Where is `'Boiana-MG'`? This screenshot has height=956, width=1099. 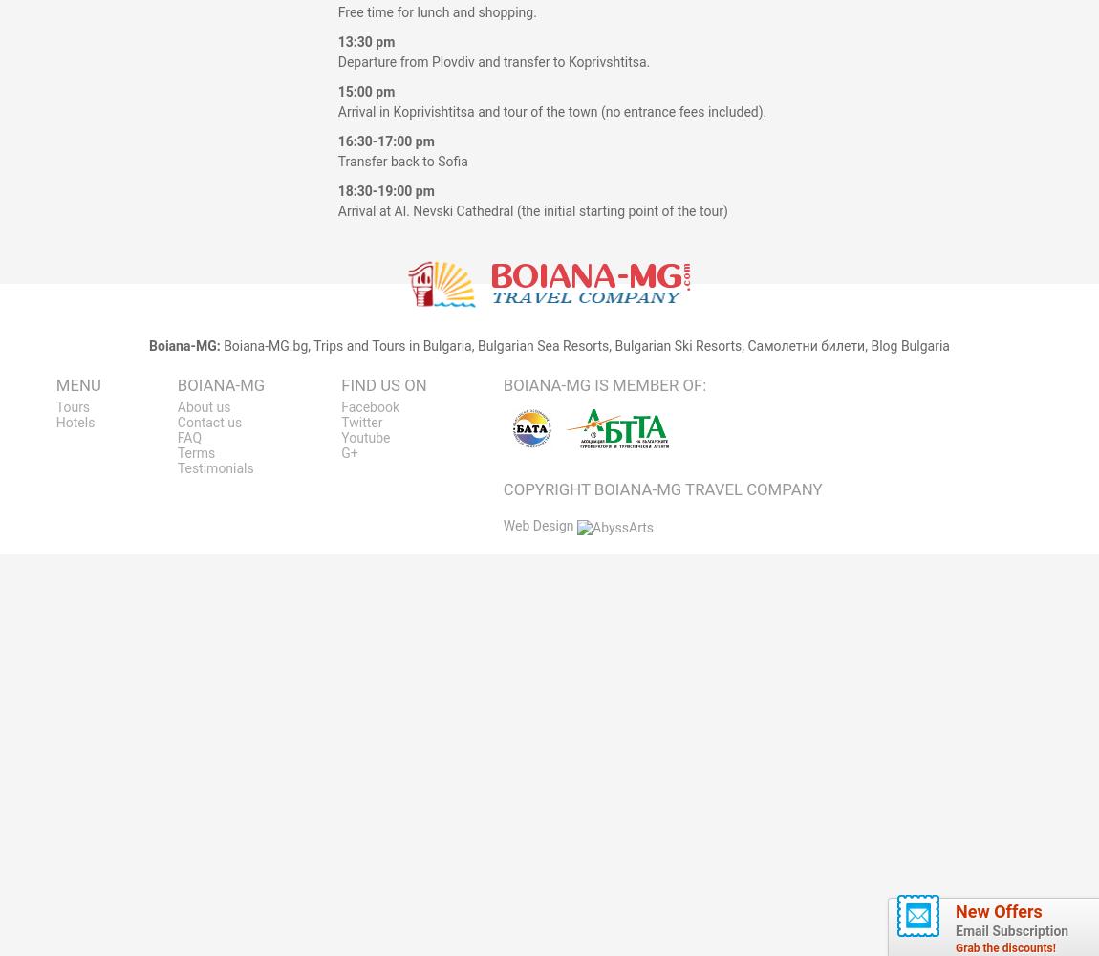 'Boiana-MG' is located at coordinates (636, 489).